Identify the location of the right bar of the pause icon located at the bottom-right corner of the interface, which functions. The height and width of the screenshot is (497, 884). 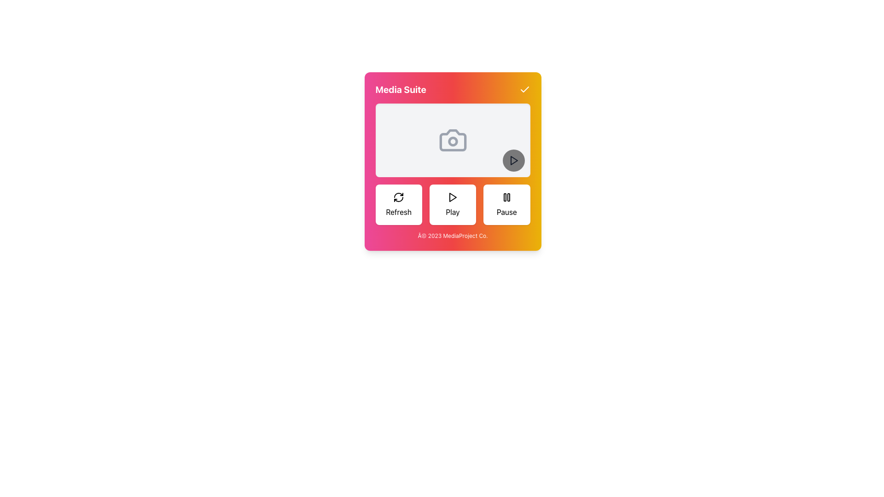
(508, 196).